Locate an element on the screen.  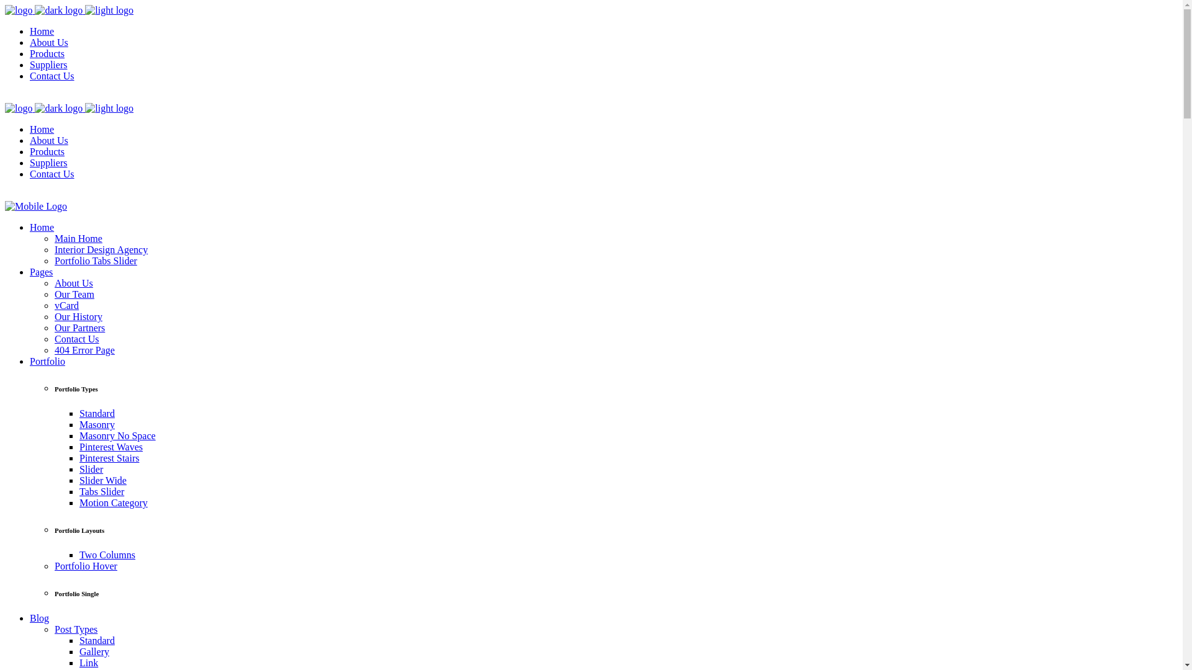
'Slider' is located at coordinates (79, 469).